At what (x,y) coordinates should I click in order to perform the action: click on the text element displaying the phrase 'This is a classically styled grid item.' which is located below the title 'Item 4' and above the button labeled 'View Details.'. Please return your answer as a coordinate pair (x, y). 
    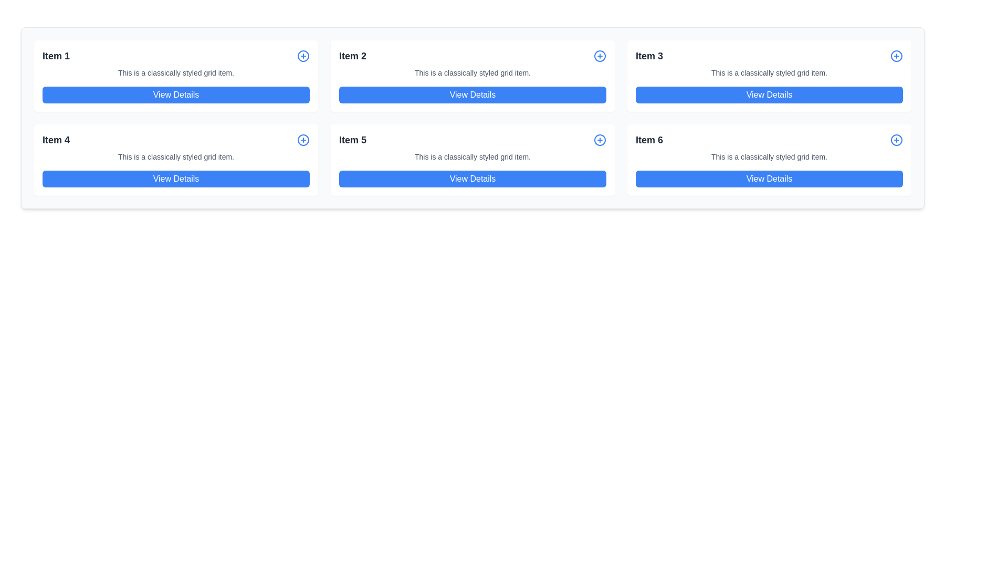
    Looking at the image, I should click on (176, 157).